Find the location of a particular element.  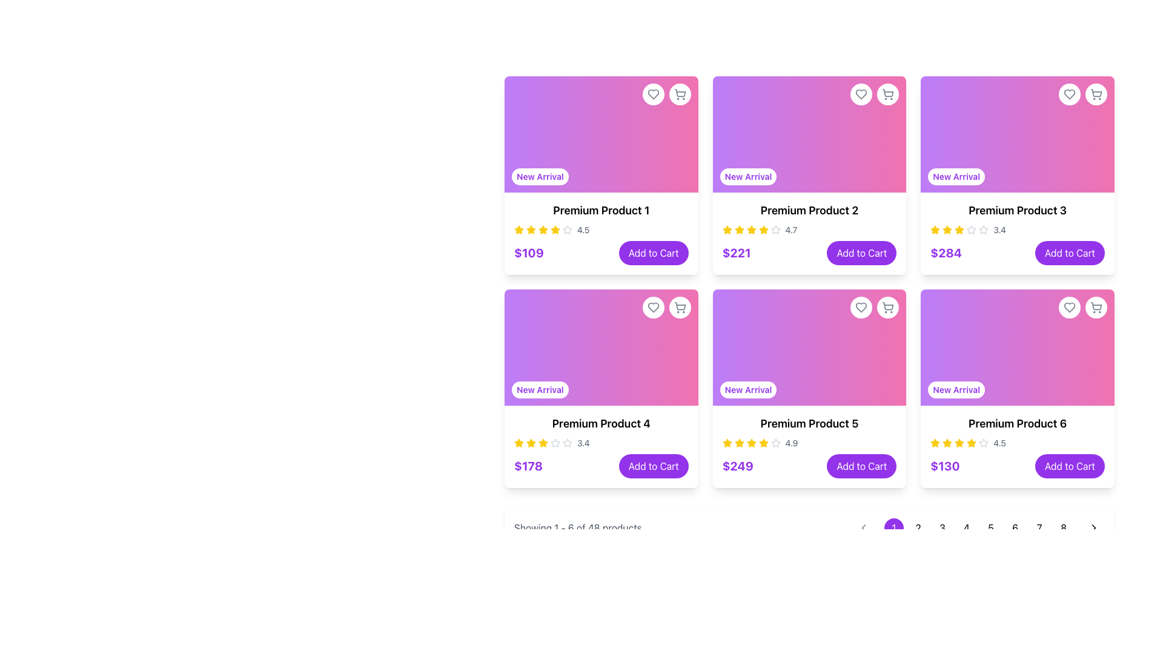

the heart-shaped icon outlined in gray in the top-right corner of the 'Premium Product 1' card to mark it as a favorite is located at coordinates (652, 307).